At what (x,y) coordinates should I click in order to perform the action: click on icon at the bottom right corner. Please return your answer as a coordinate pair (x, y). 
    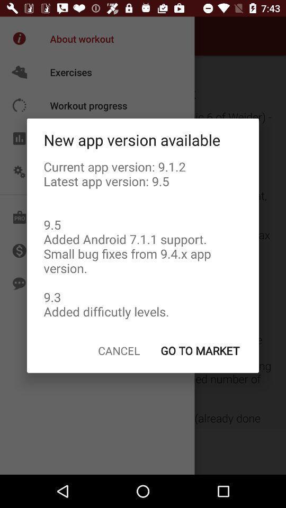
    Looking at the image, I should click on (200, 350).